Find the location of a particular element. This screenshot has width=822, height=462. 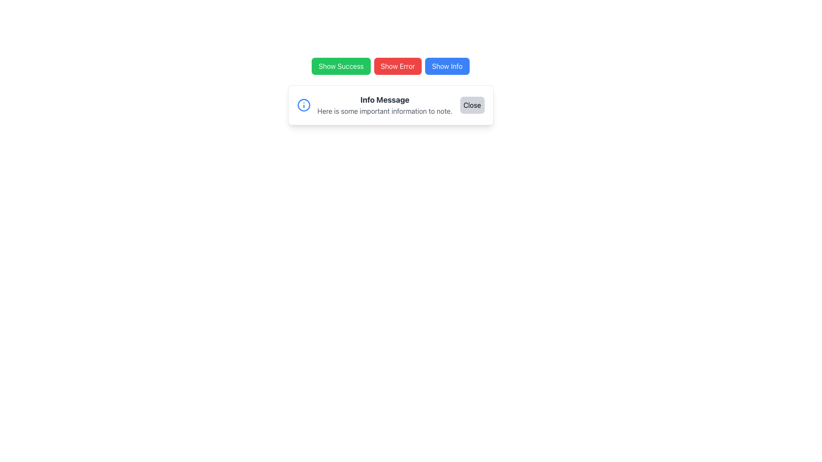

the 'Show Info' button, which has rounded corners, a blue background, and white text is located at coordinates (447, 65).